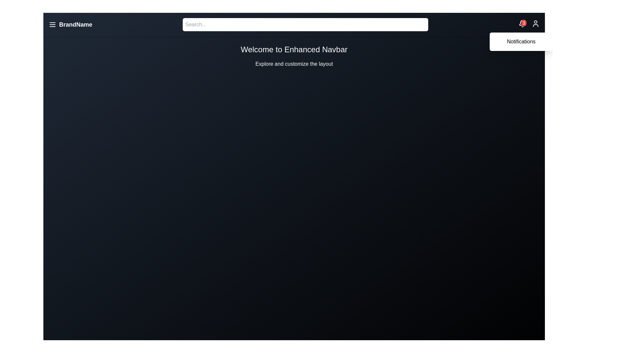  What do you see at coordinates (305, 24) in the screenshot?
I see `the search bar to focus and enable text input` at bounding box center [305, 24].